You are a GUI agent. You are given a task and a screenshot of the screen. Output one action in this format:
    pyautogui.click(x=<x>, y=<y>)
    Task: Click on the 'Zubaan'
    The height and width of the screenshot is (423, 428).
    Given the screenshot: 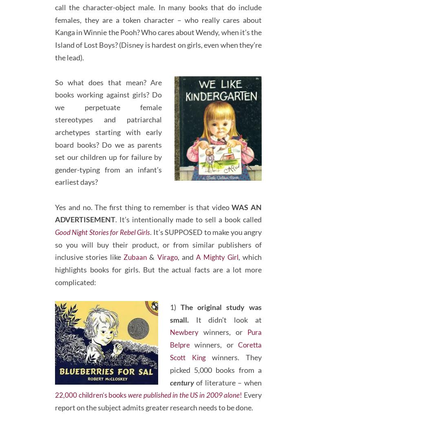 What is the action you would take?
    pyautogui.click(x=135, y=269)
    